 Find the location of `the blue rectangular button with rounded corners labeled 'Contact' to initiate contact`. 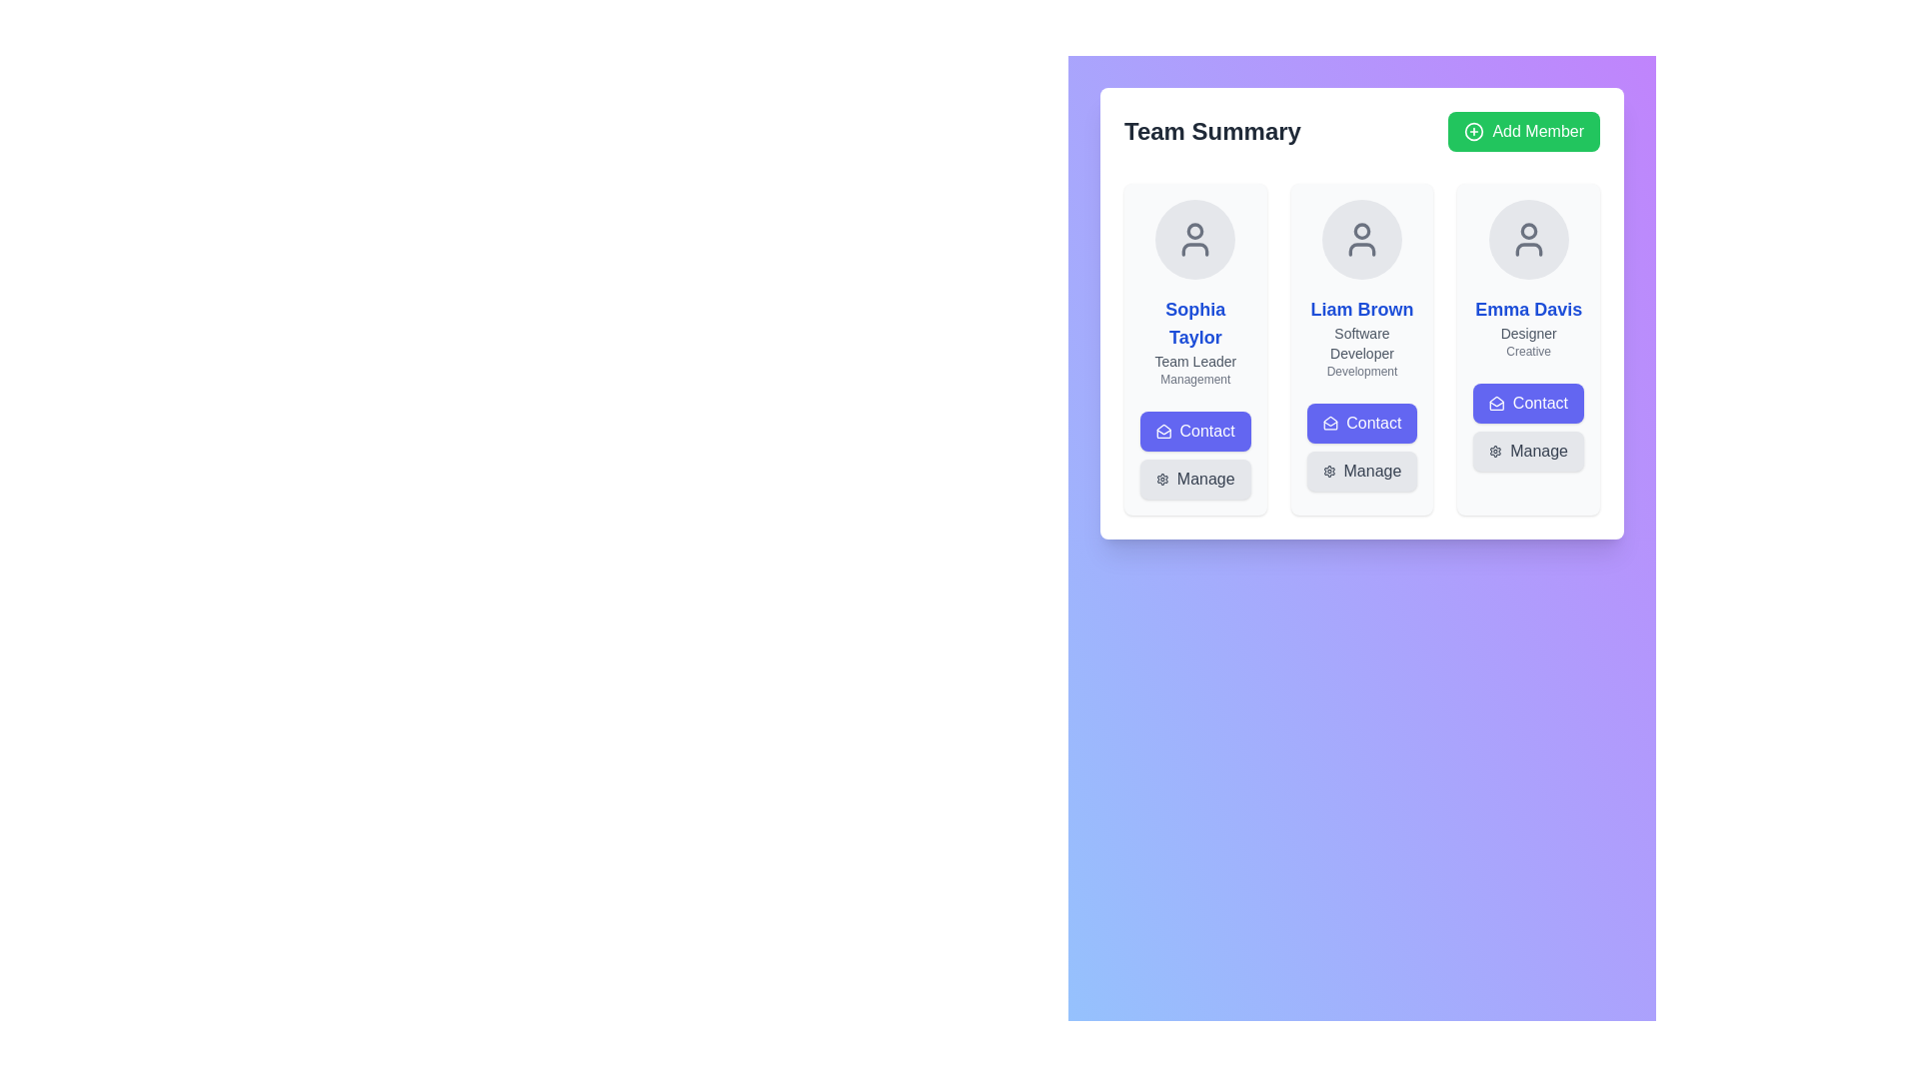

the blue rectangular button with rounded corners labeled 'Contact' to initiate contact is located at coordinates (1195, 431).